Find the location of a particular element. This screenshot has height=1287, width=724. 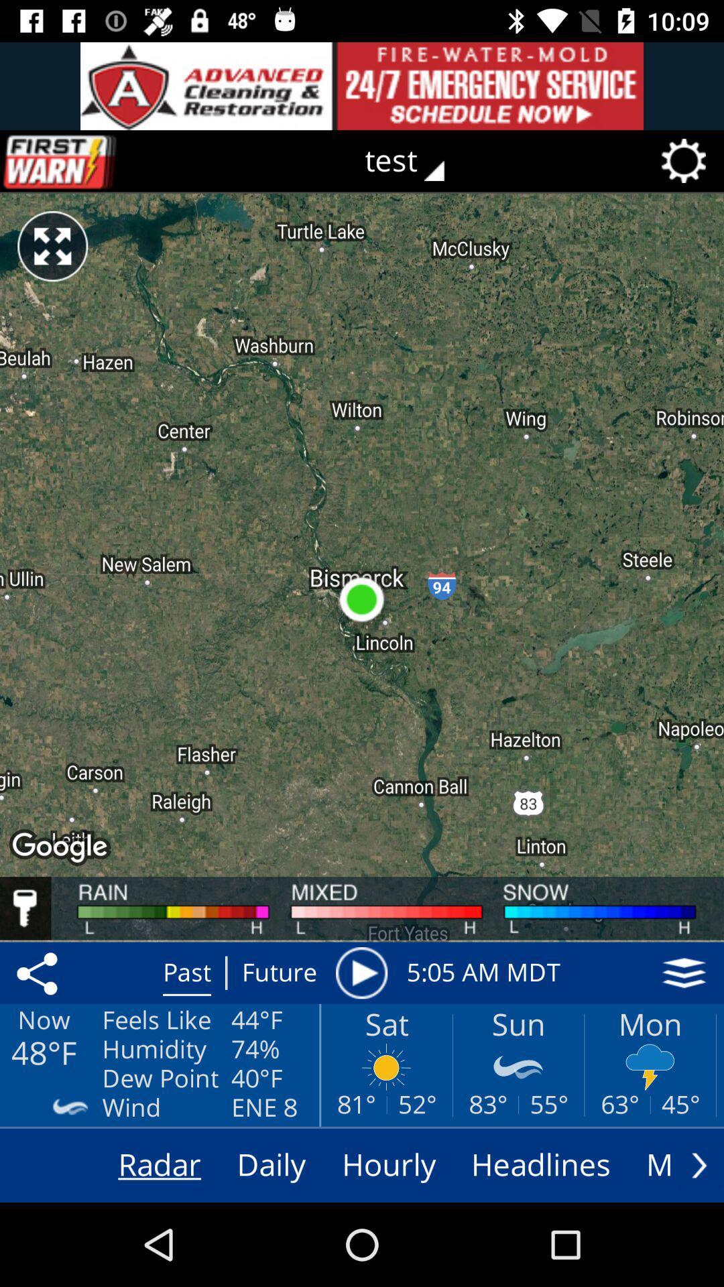

icon above the sat item is located at coordinates (361, 973).